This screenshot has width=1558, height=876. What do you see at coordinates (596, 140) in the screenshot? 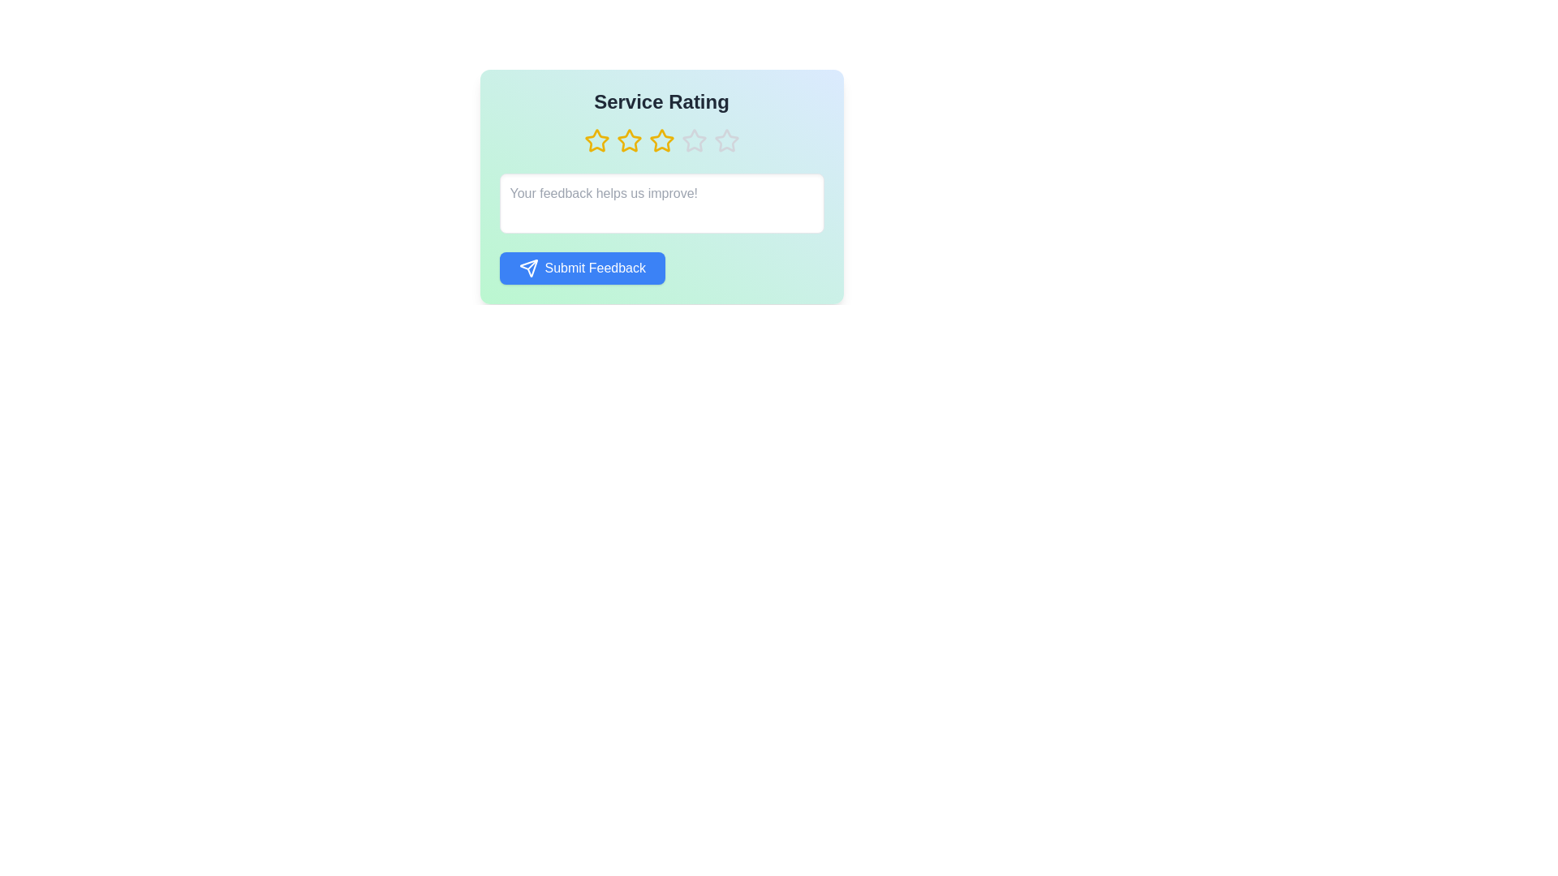
I see `the first star-shaped rating icon with a golden yellow outline` at bounding box center [596, 140].